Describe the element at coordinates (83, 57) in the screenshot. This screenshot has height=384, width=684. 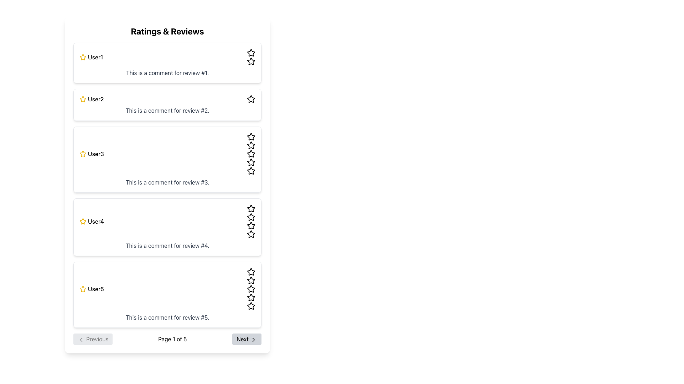
I see `the yellow star-shaped icon next to the user name 'User1' in the review card layout` at that location.